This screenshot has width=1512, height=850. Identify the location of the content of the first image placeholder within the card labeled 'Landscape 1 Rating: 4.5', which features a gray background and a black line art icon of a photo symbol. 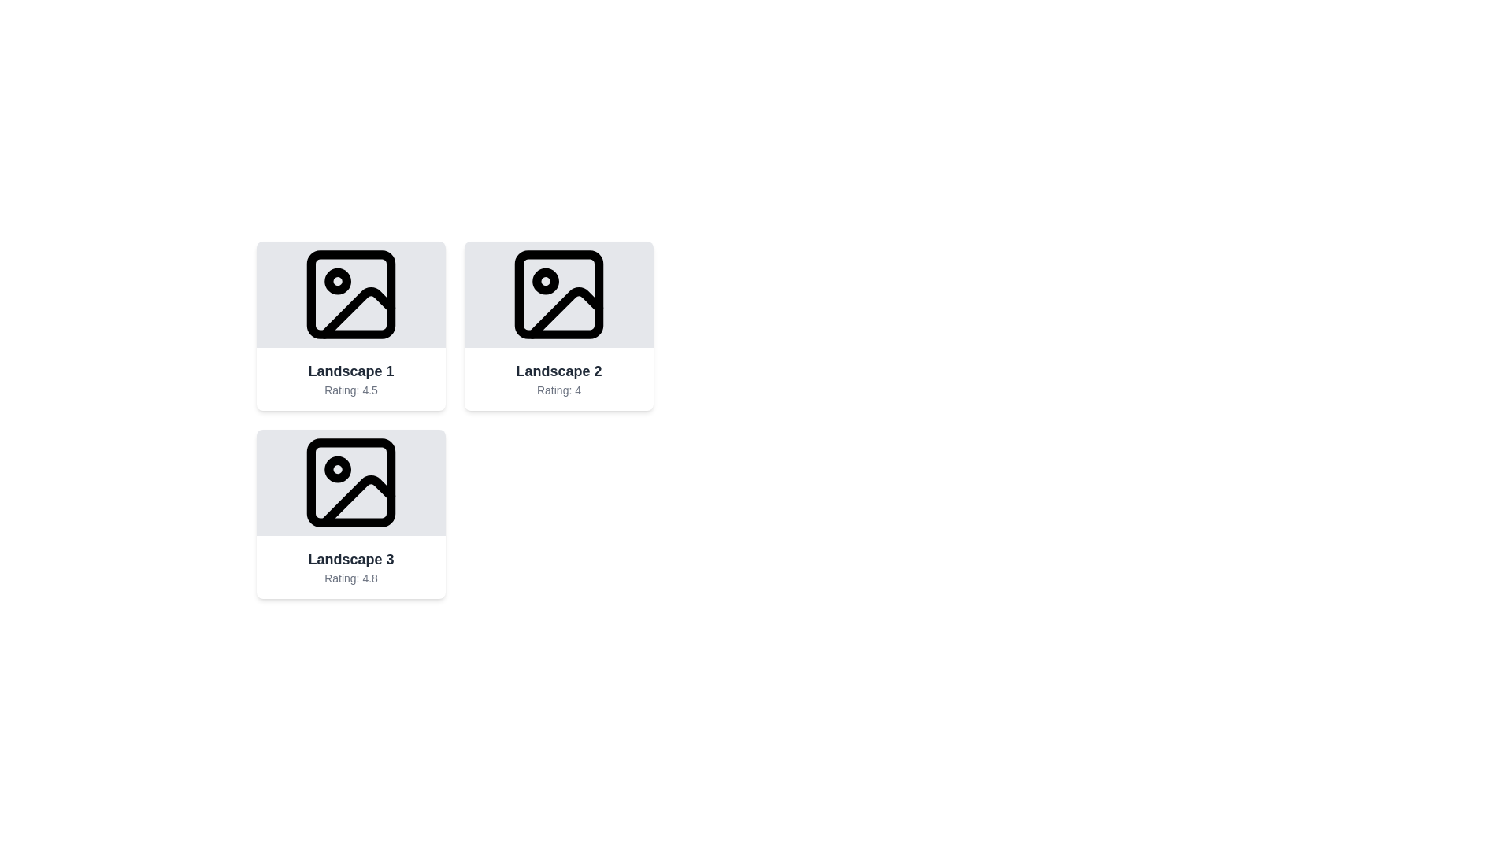
(350, 294).